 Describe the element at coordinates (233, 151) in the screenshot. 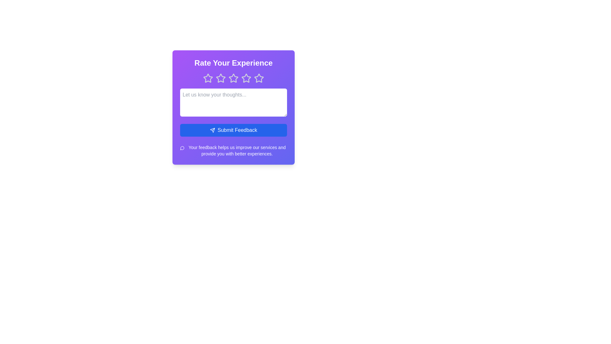

I see `the static informational text block that displays the message 'Your feedback helps us improve our services and provide you with better experiences.' It is located at the bottom of the feedback form panel, below the 'Submit Feedback' button, and features a small speech bubble icon to the left of the text` at that location.